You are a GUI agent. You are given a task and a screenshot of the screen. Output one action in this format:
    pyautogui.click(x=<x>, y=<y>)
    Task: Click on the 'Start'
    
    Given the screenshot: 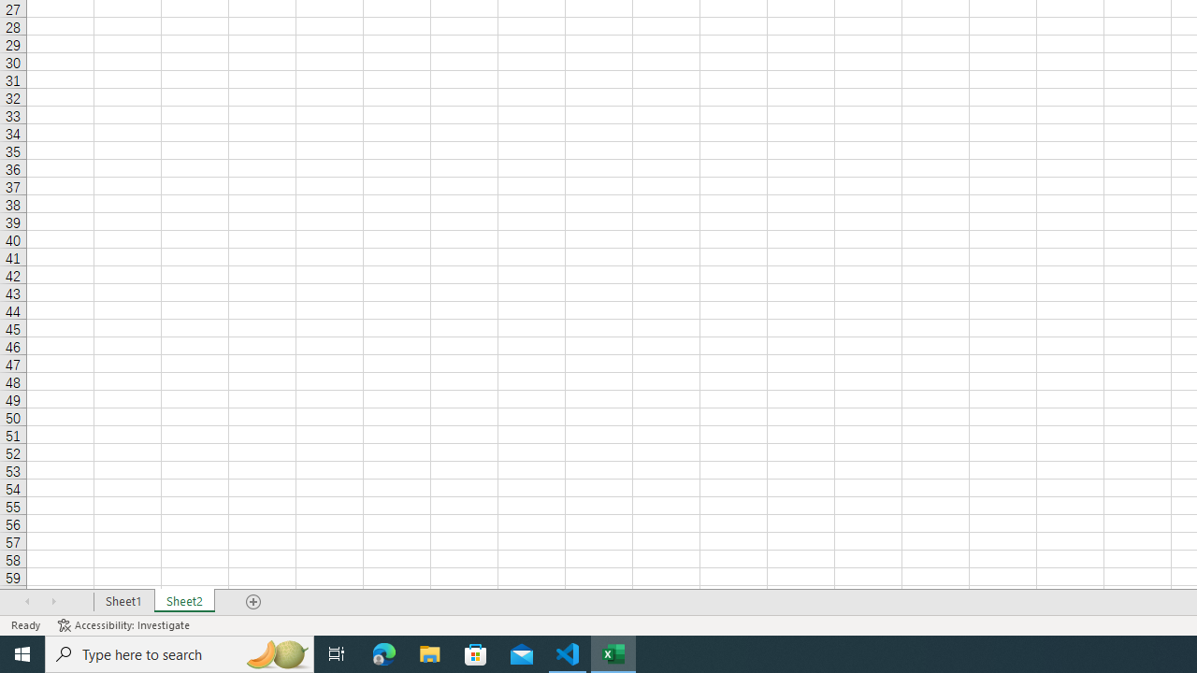 What is the action you would take?
    pyautogui.click(x=22, y=652)
    